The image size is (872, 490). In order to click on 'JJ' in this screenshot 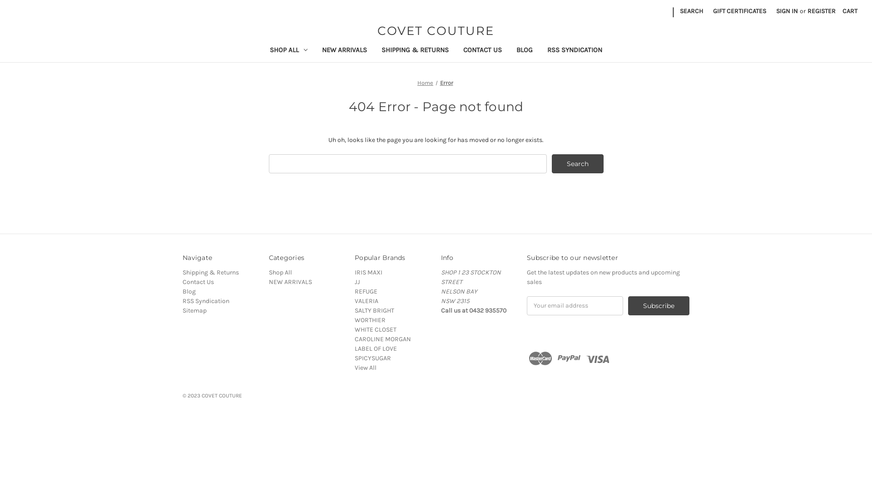, I will do `click(357, 281)`.